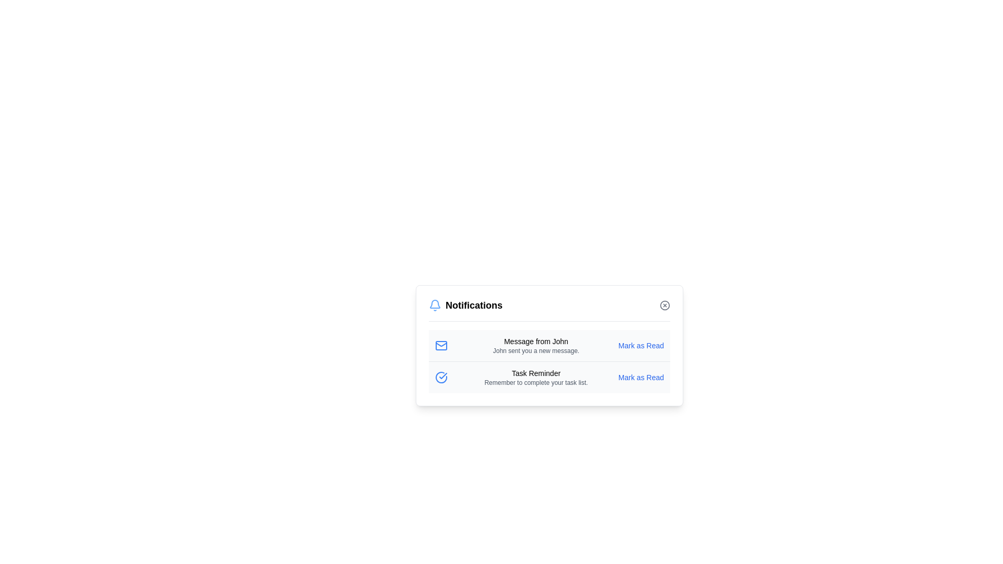 This screenshot has width=1003, height=564. Describe the element at coordinates (441, 346) in the screenshot. I see `the rectangular icon component with a blue outline, which is centered within the mail icon graphic in the upper section of the notification list` at that location.